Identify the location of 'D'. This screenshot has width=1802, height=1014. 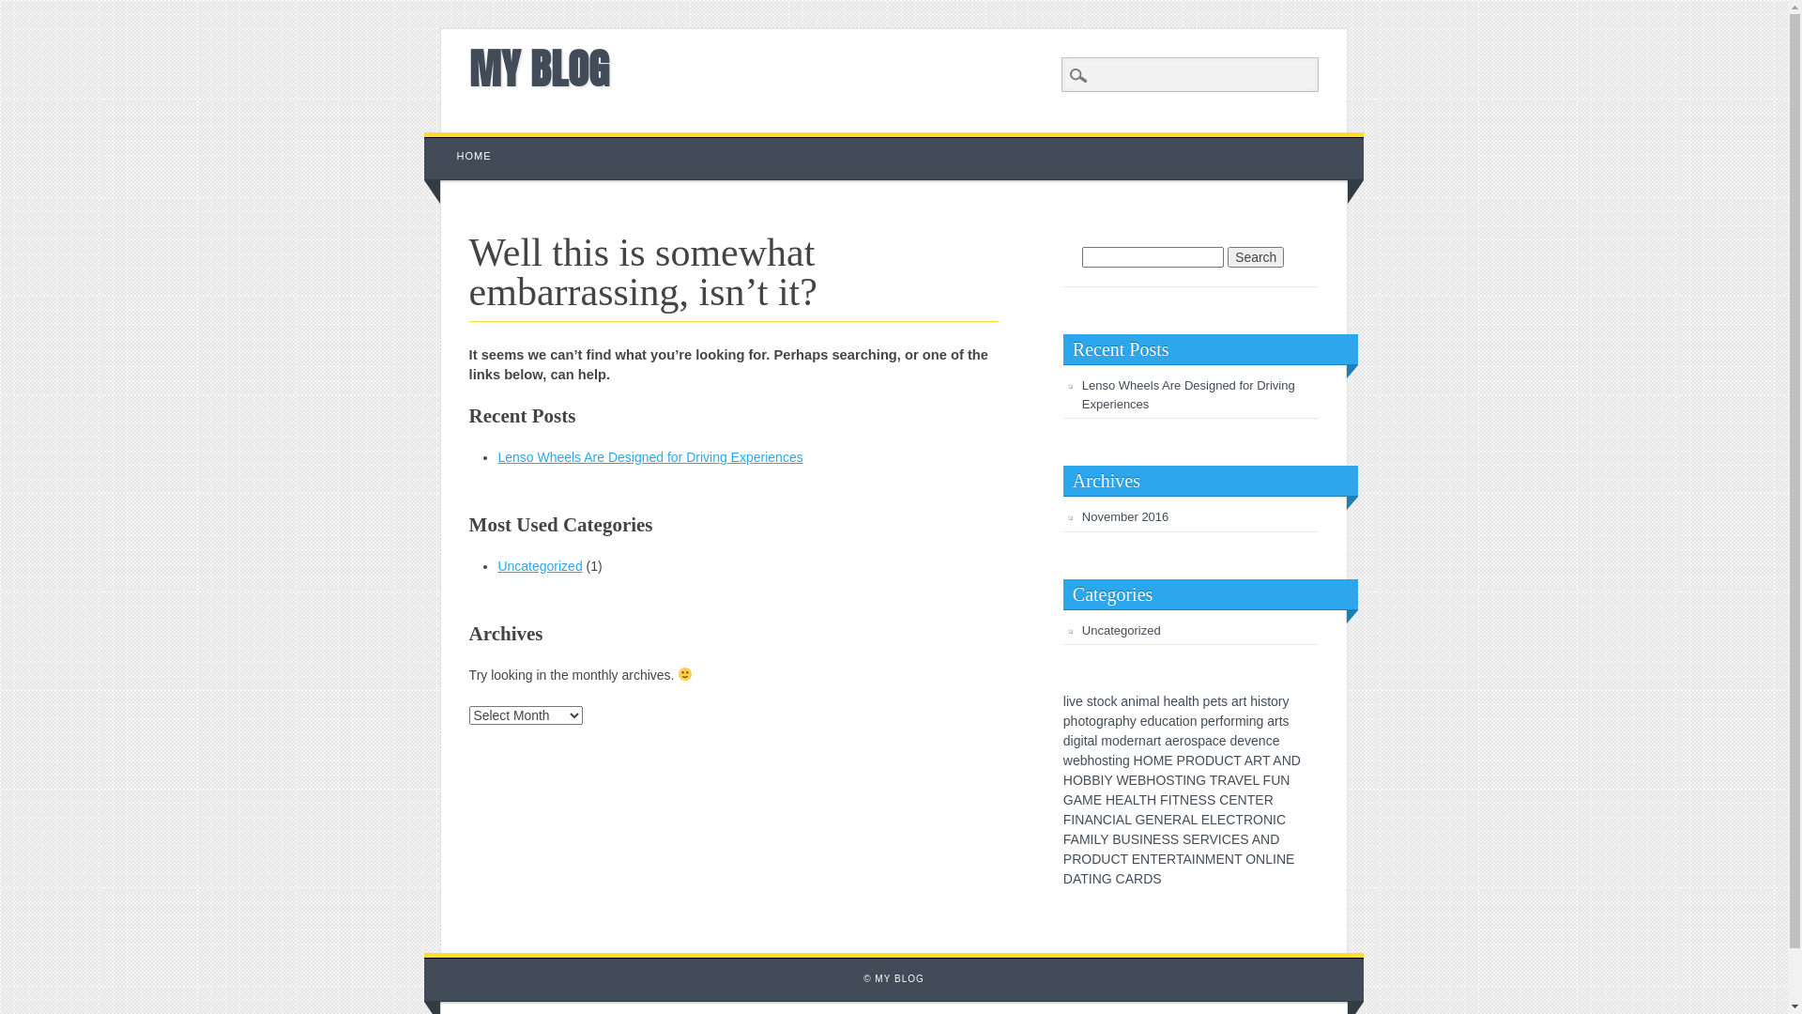
(1270, 838).